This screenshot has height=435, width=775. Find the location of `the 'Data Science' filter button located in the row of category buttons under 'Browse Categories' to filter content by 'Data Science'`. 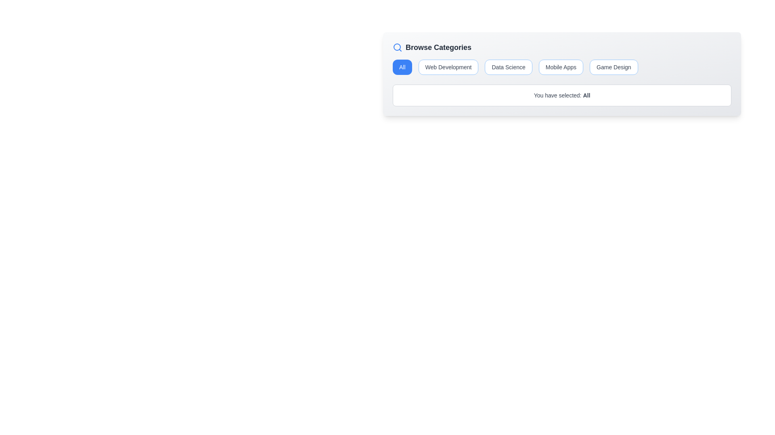

the 'Data Science' filter button located in the row of category buttons under 'Browse Categories' to filter content by 'Data Science' is located at coordinates (508, 66).